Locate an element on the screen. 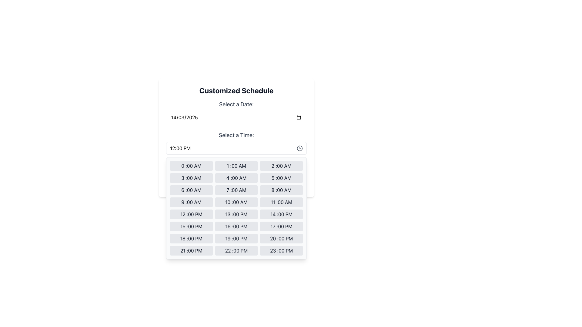 The width and height of the screenshot is (582, 327). the button for selecting '11 :00 AM' located in the 'Select a Time' section of the time picker interface, specifically in the fourth row and third column of the grid layout is located at coordinates (281, 202).